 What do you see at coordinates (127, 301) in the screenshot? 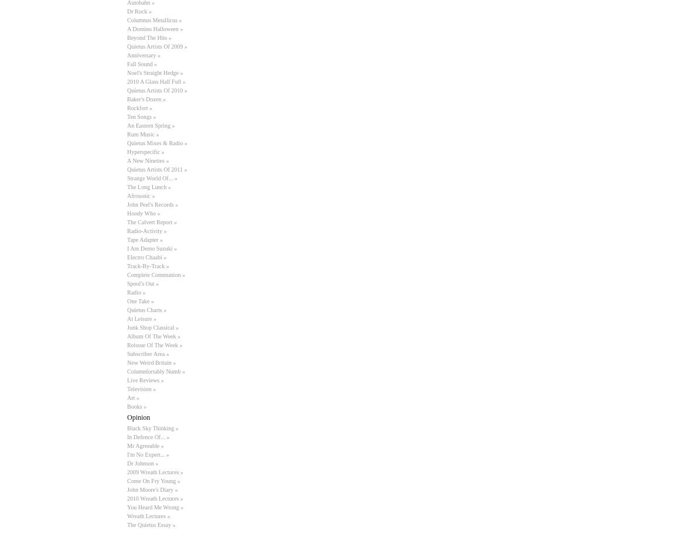
I see `'One Take »'` at bounding box center [127, 301].